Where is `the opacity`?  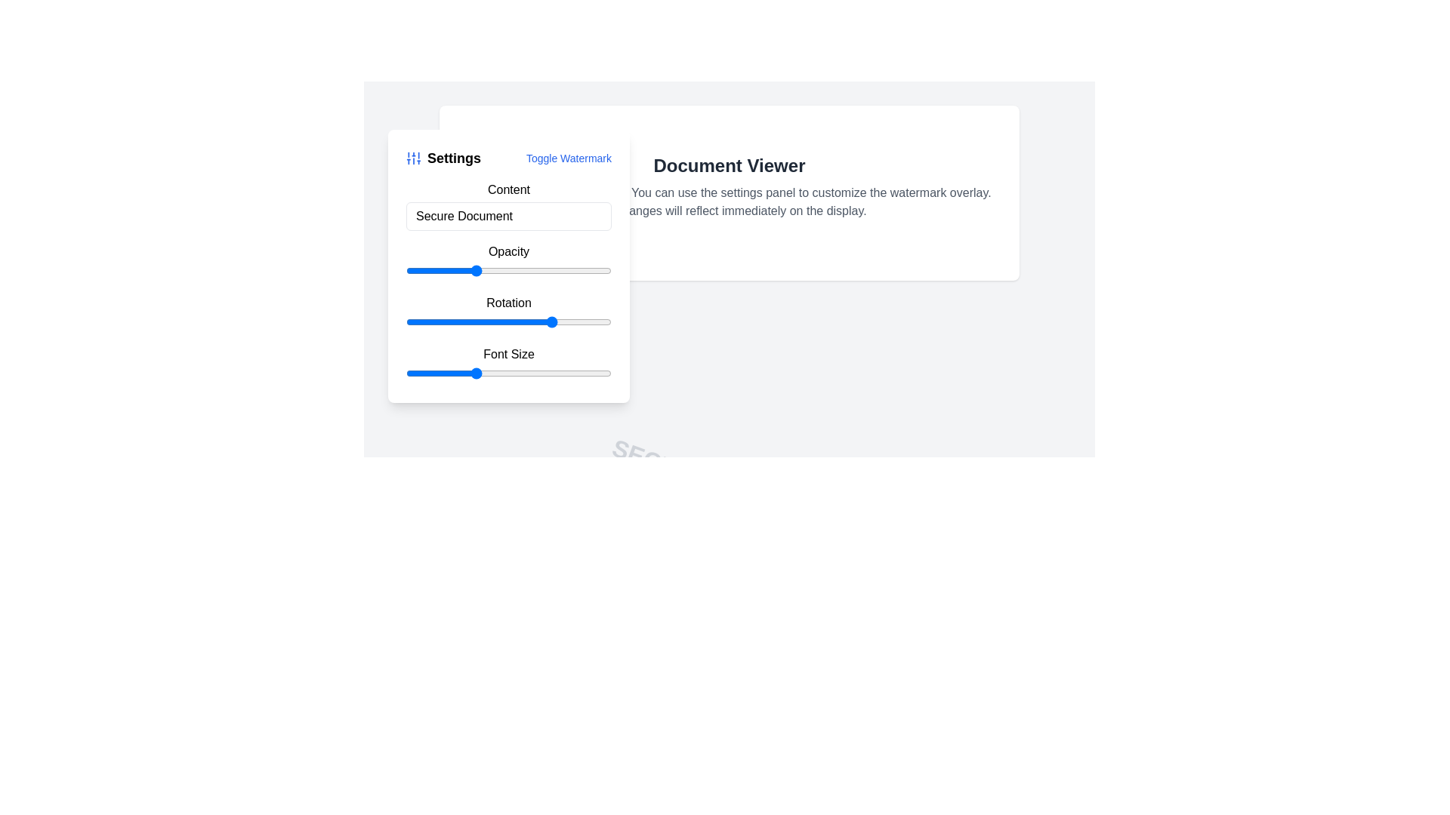
the opacity is located at coordinates (383, 269).